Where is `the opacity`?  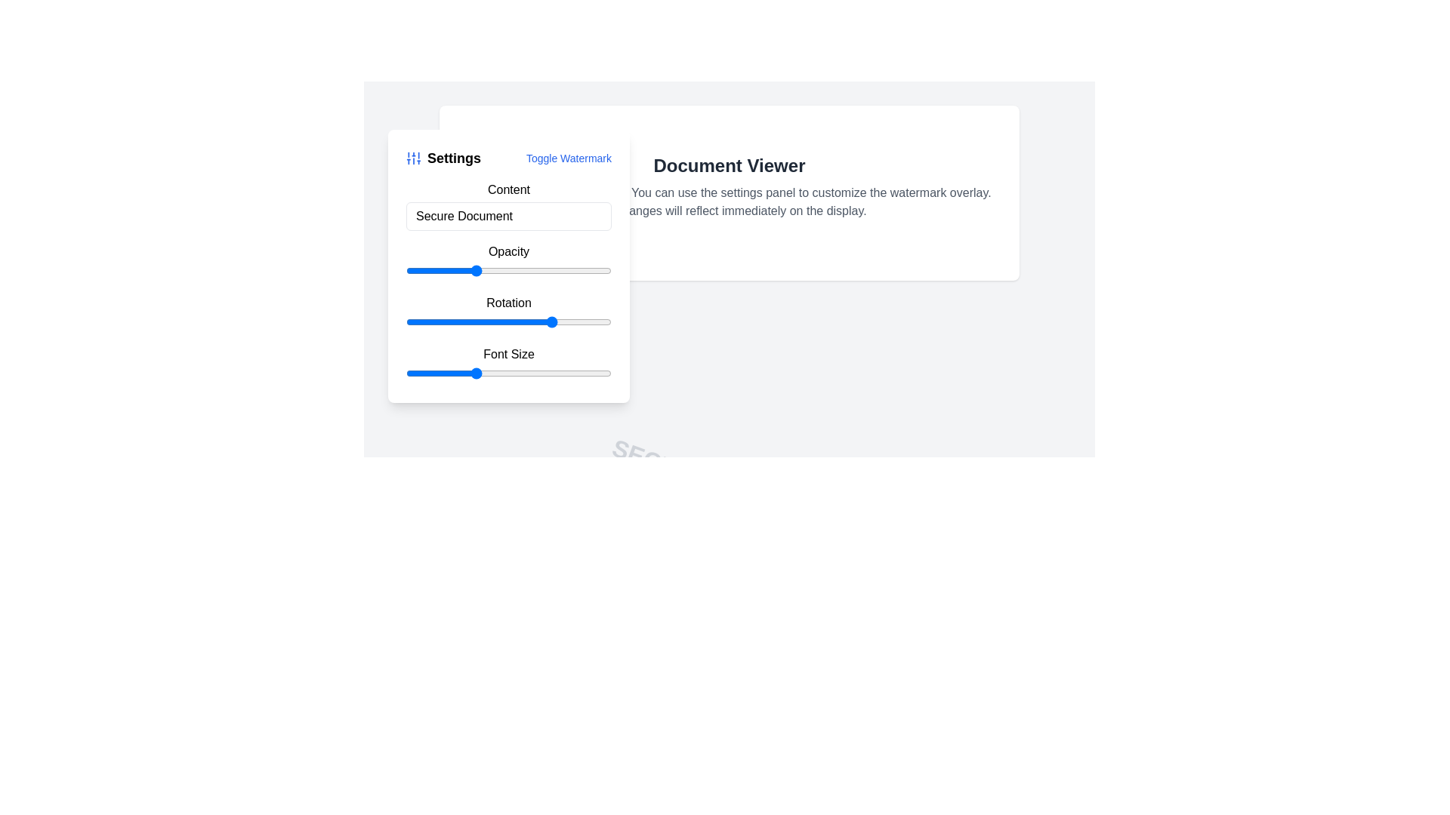
the opacity is located at coordinates (383, 269).